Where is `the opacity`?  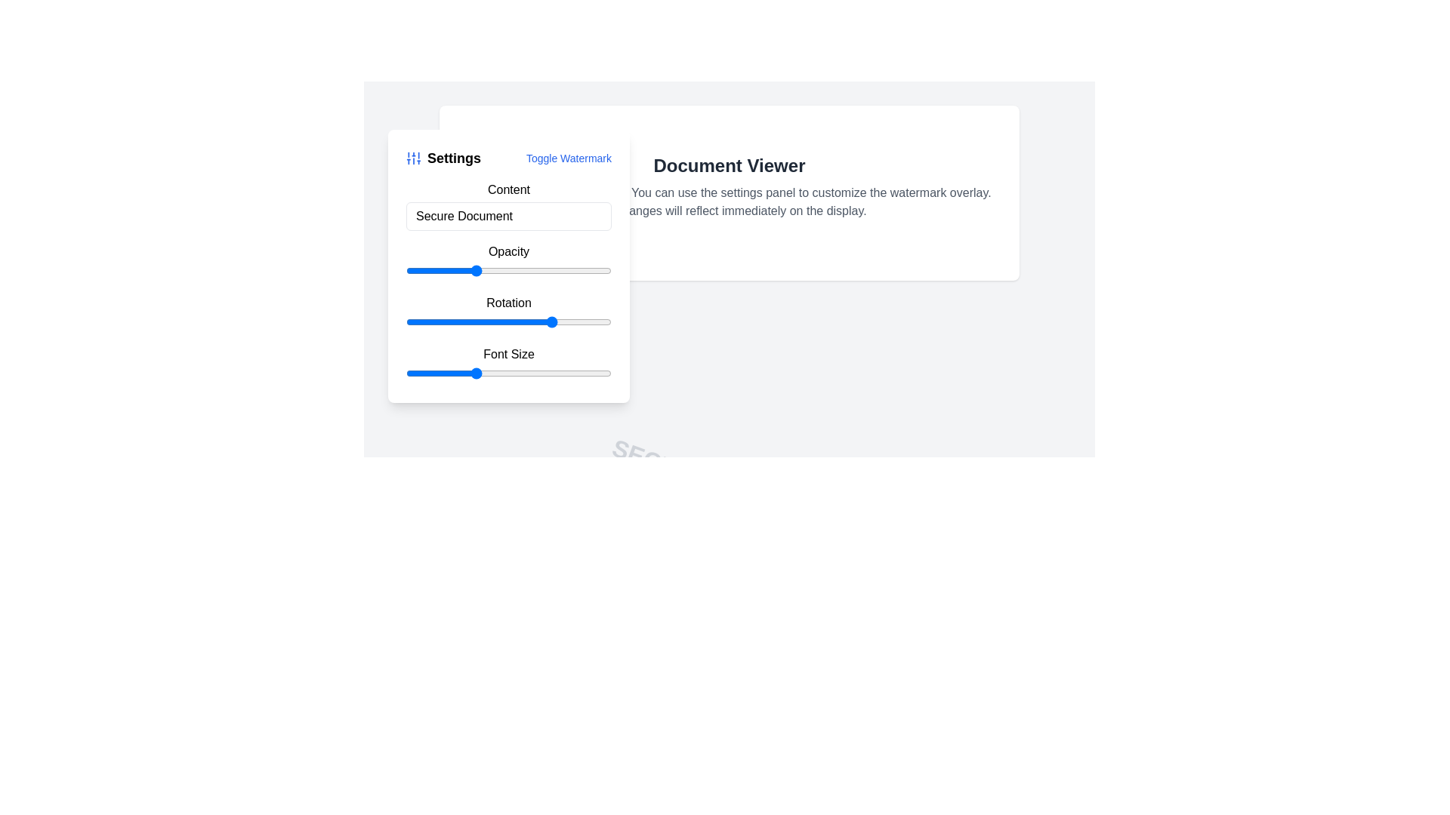
the opacity is located at coordinates (383, 269).